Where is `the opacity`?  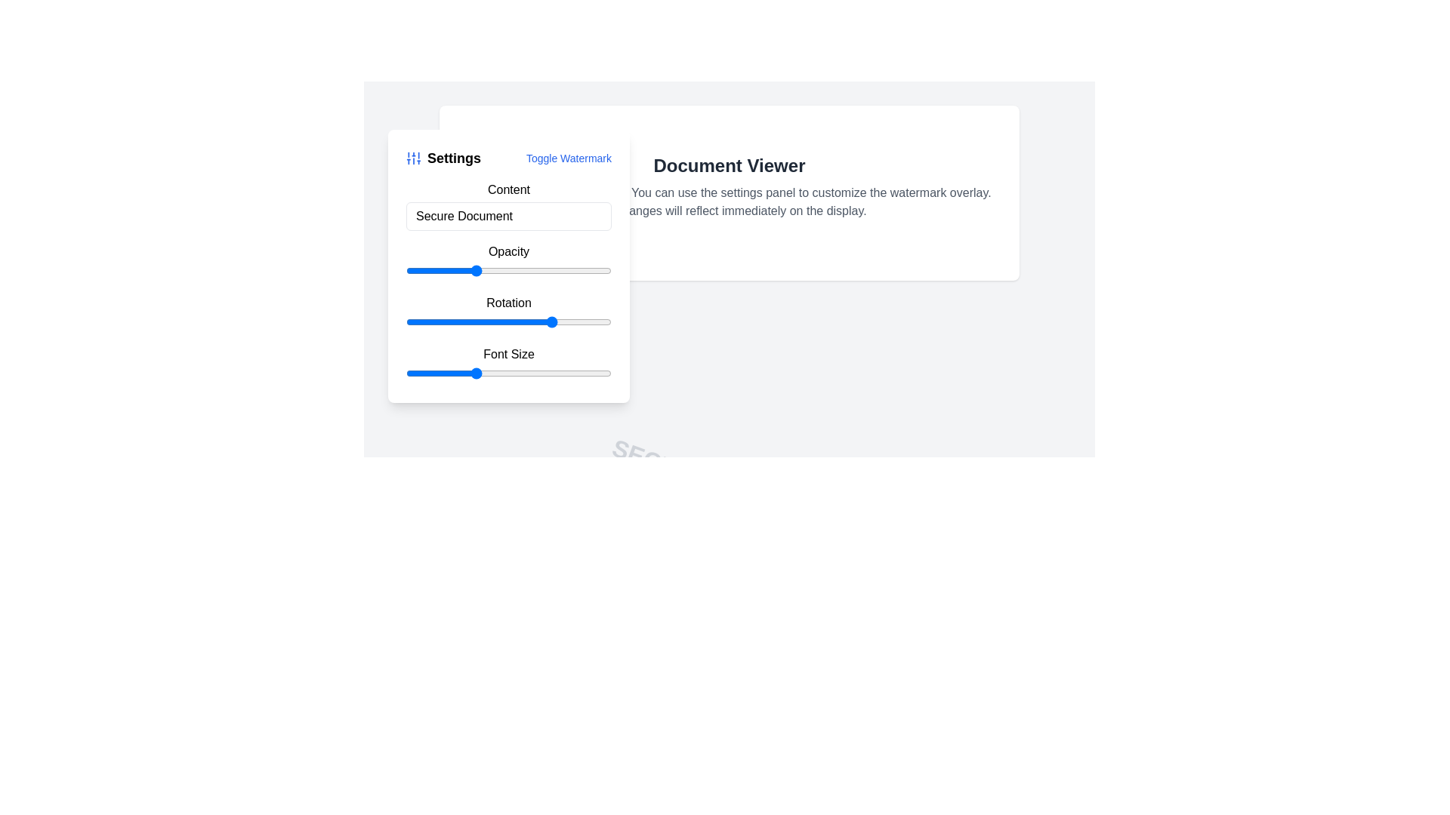
the opacity is located at coordinates (383, 269).